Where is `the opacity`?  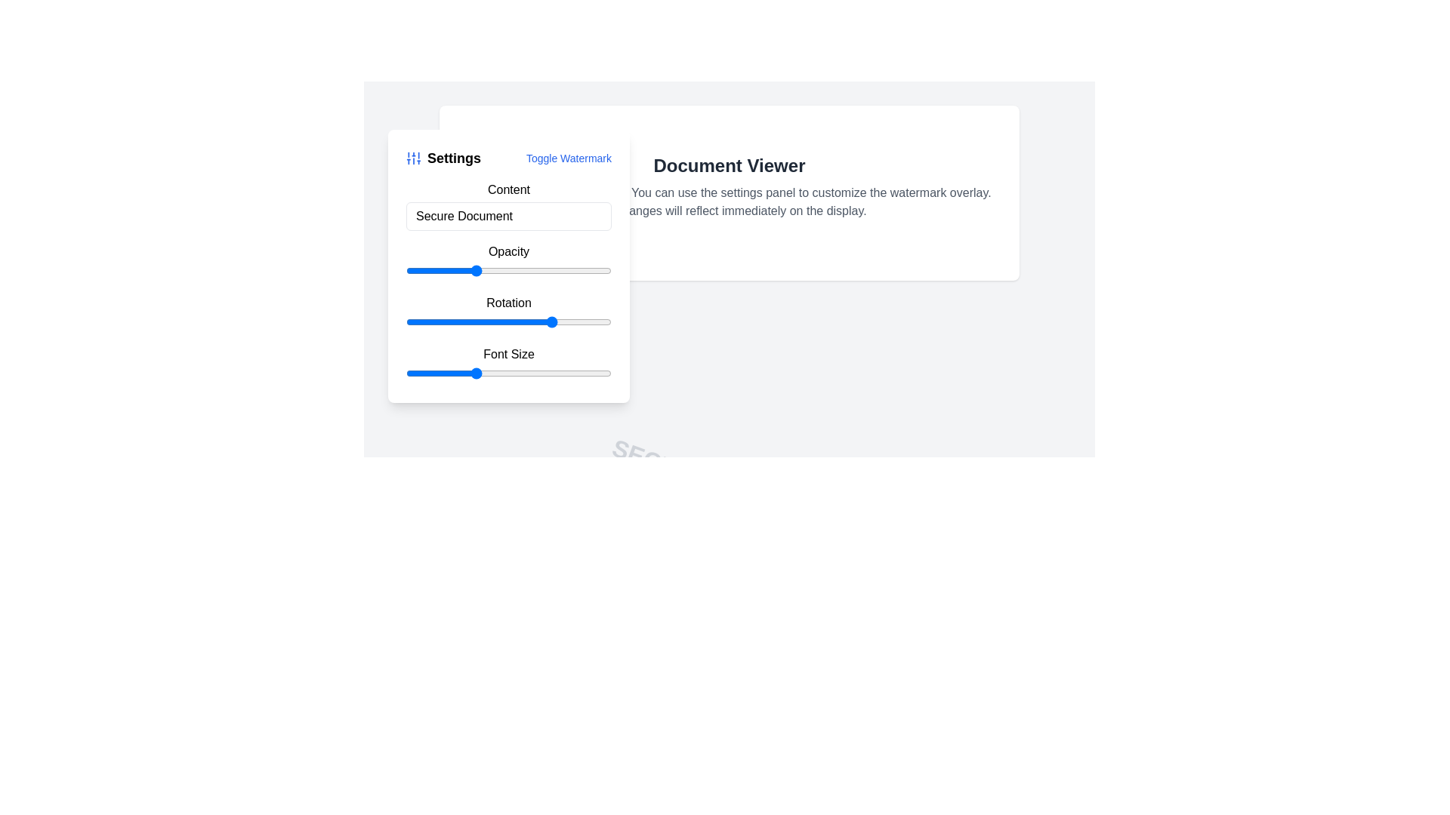
the opacity is located at coordinates (383, 269).